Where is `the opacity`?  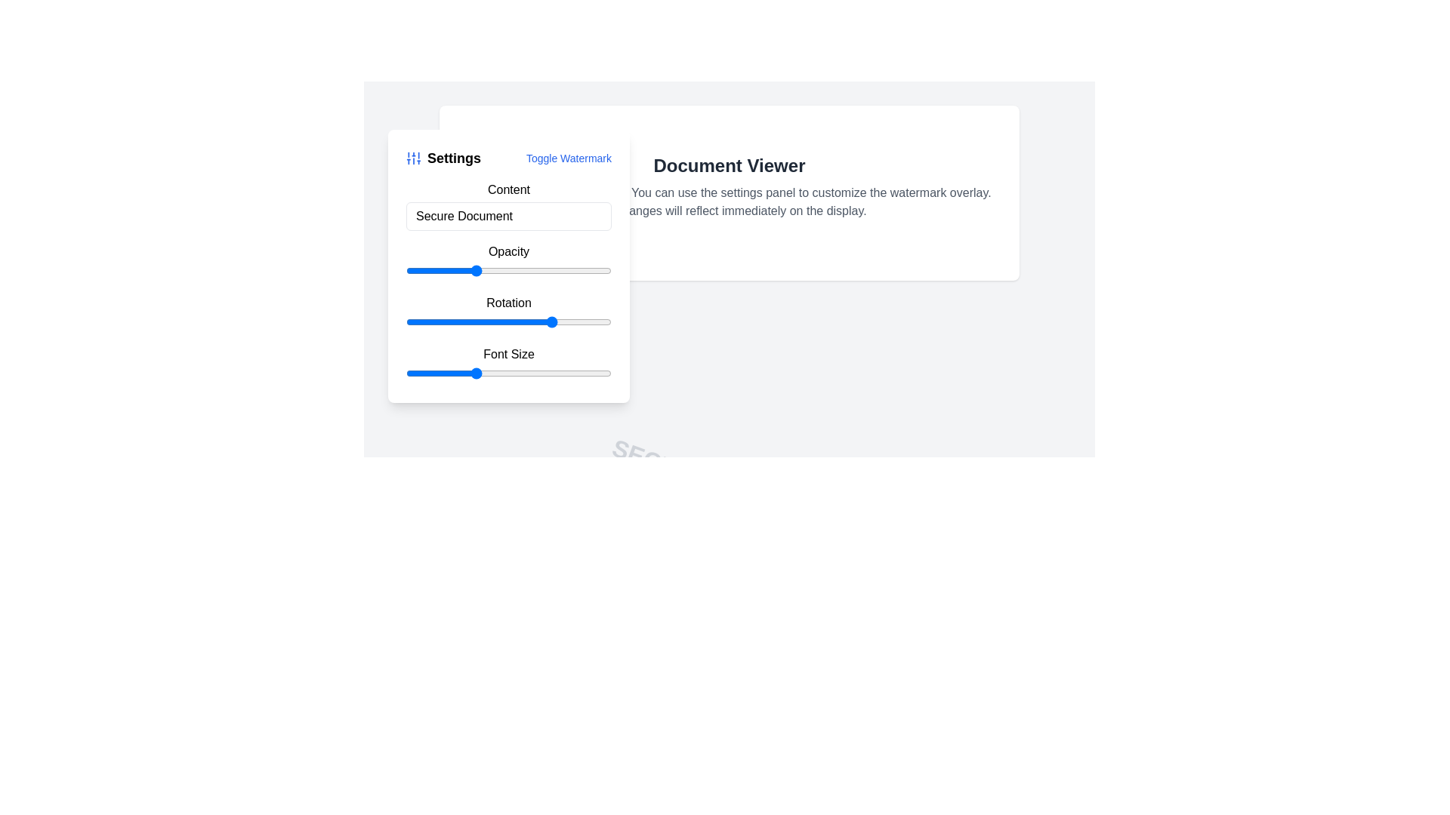
the opacity is located at coordinates (383, 269).